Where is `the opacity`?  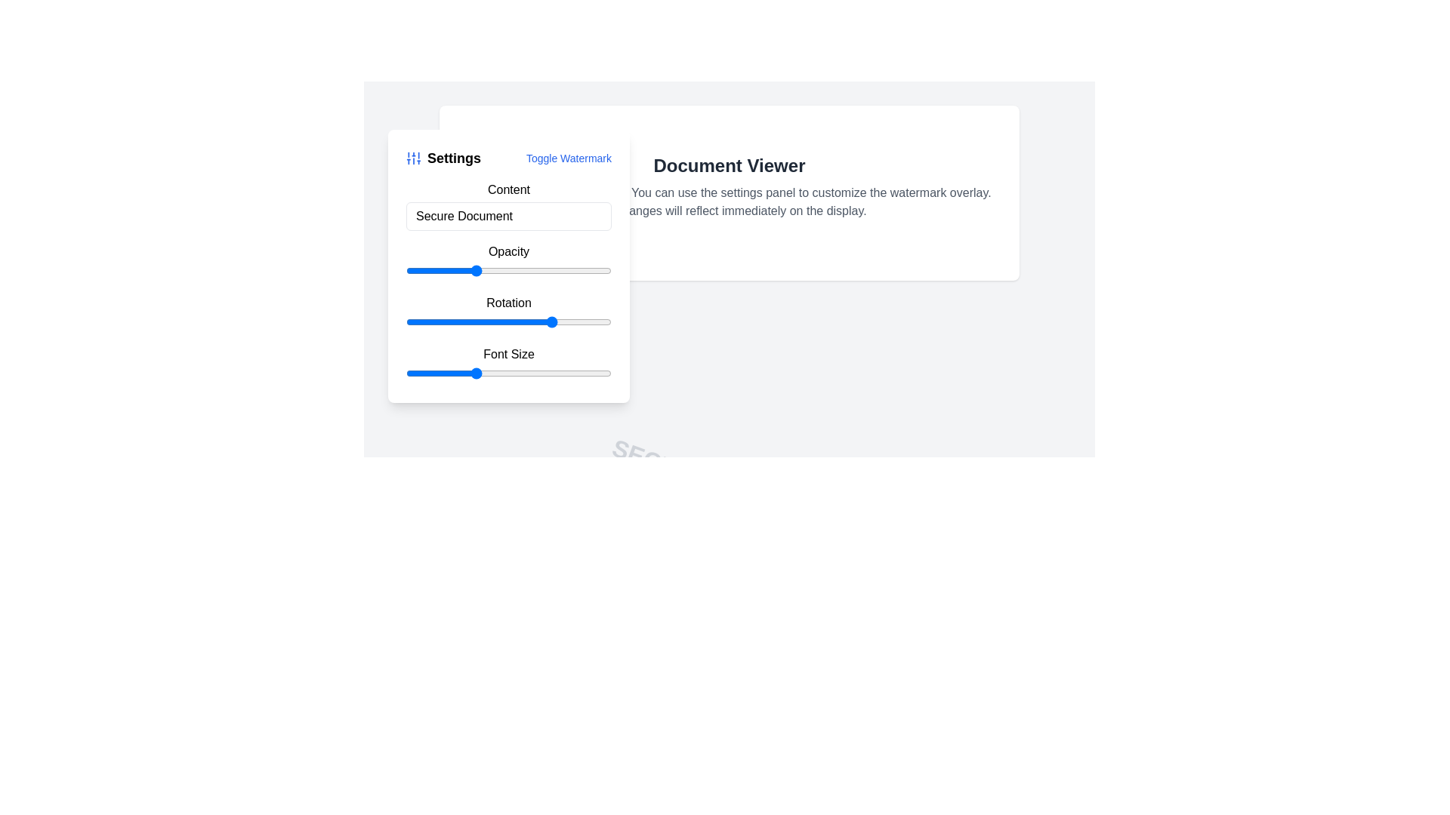
the opacity is located at coordinates (383, 269).